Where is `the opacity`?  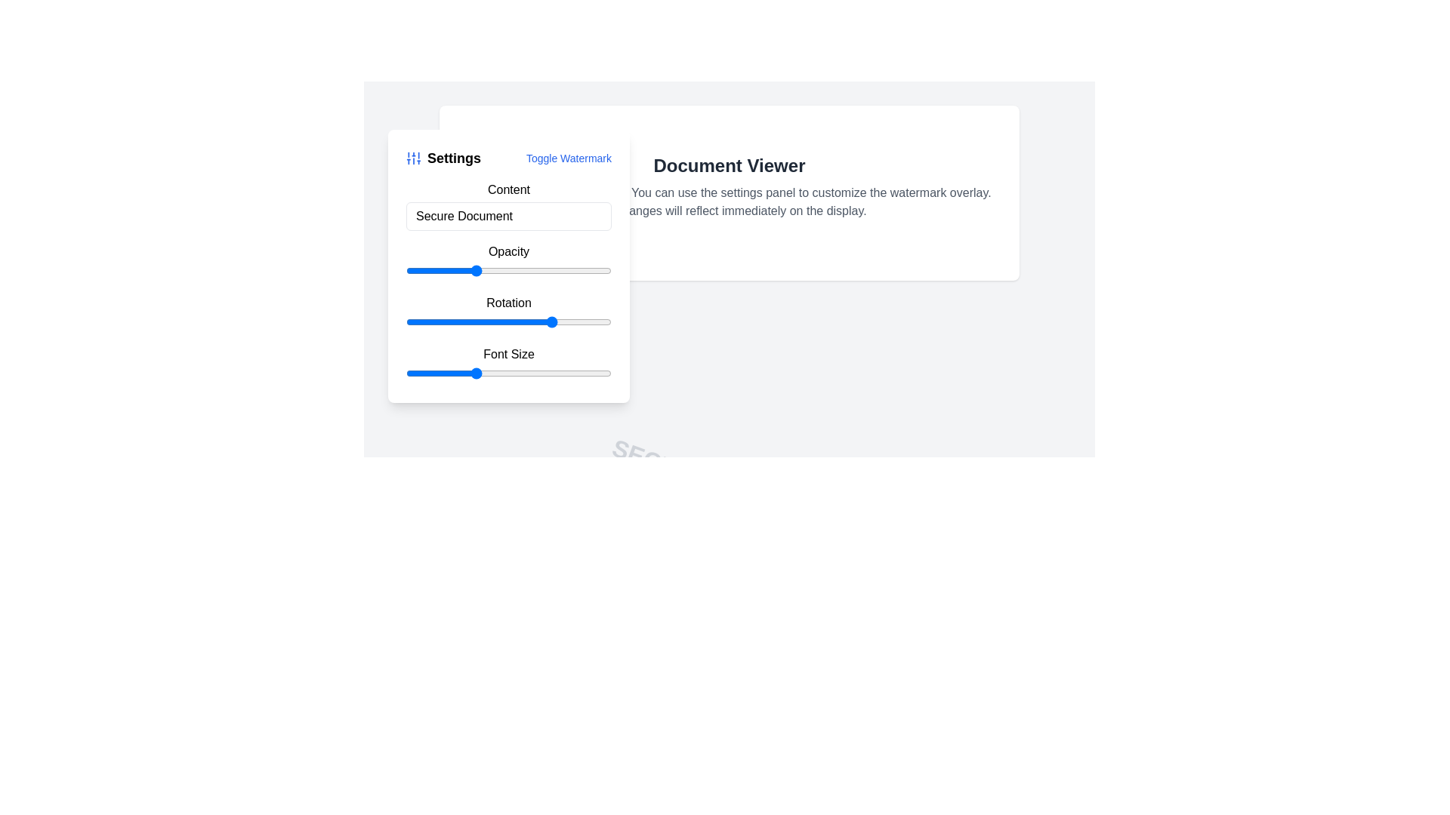
the opacity is located at coordinates (383, 269).